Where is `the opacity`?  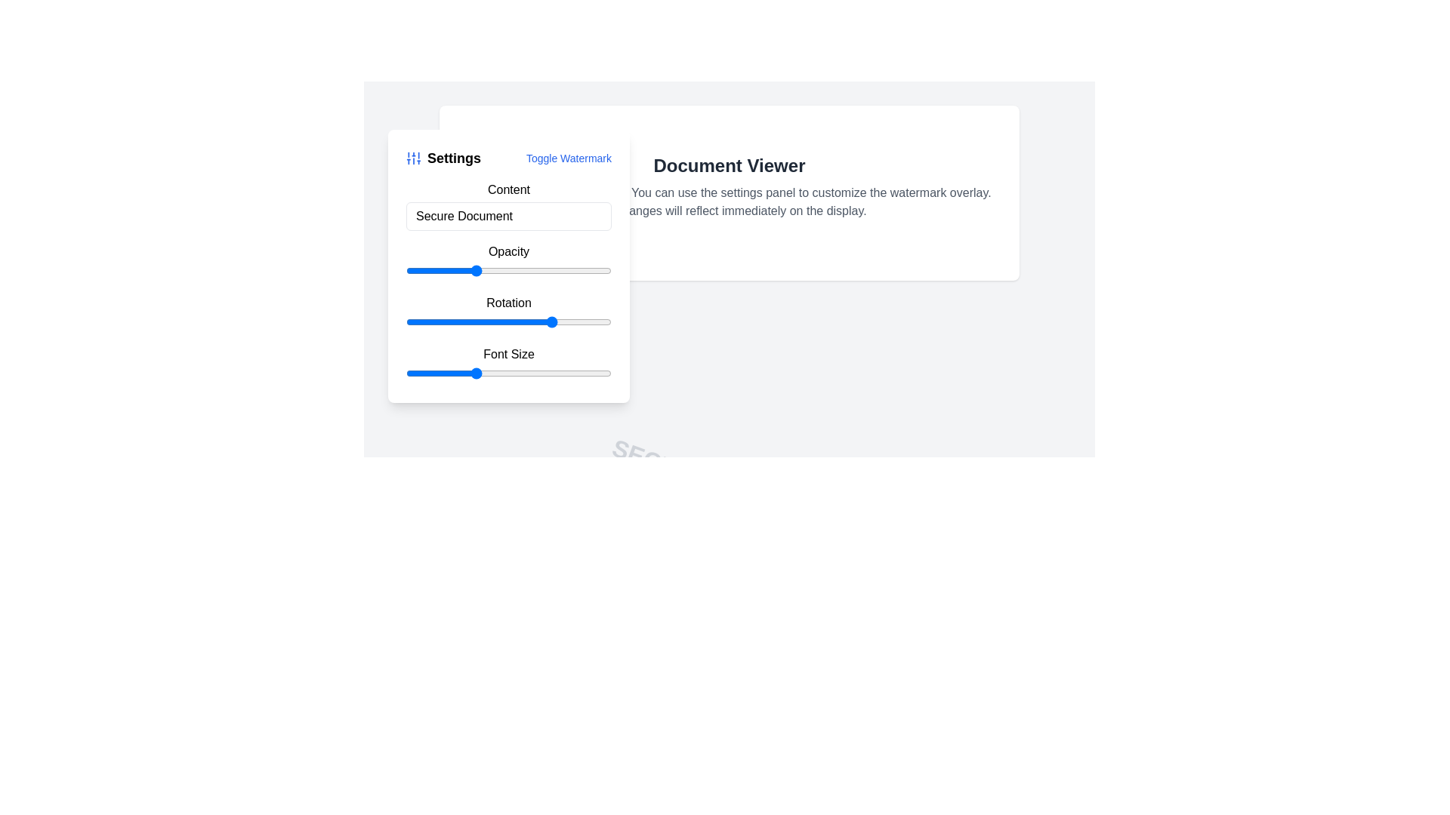
the opacity is located at coordinates (383, 269).